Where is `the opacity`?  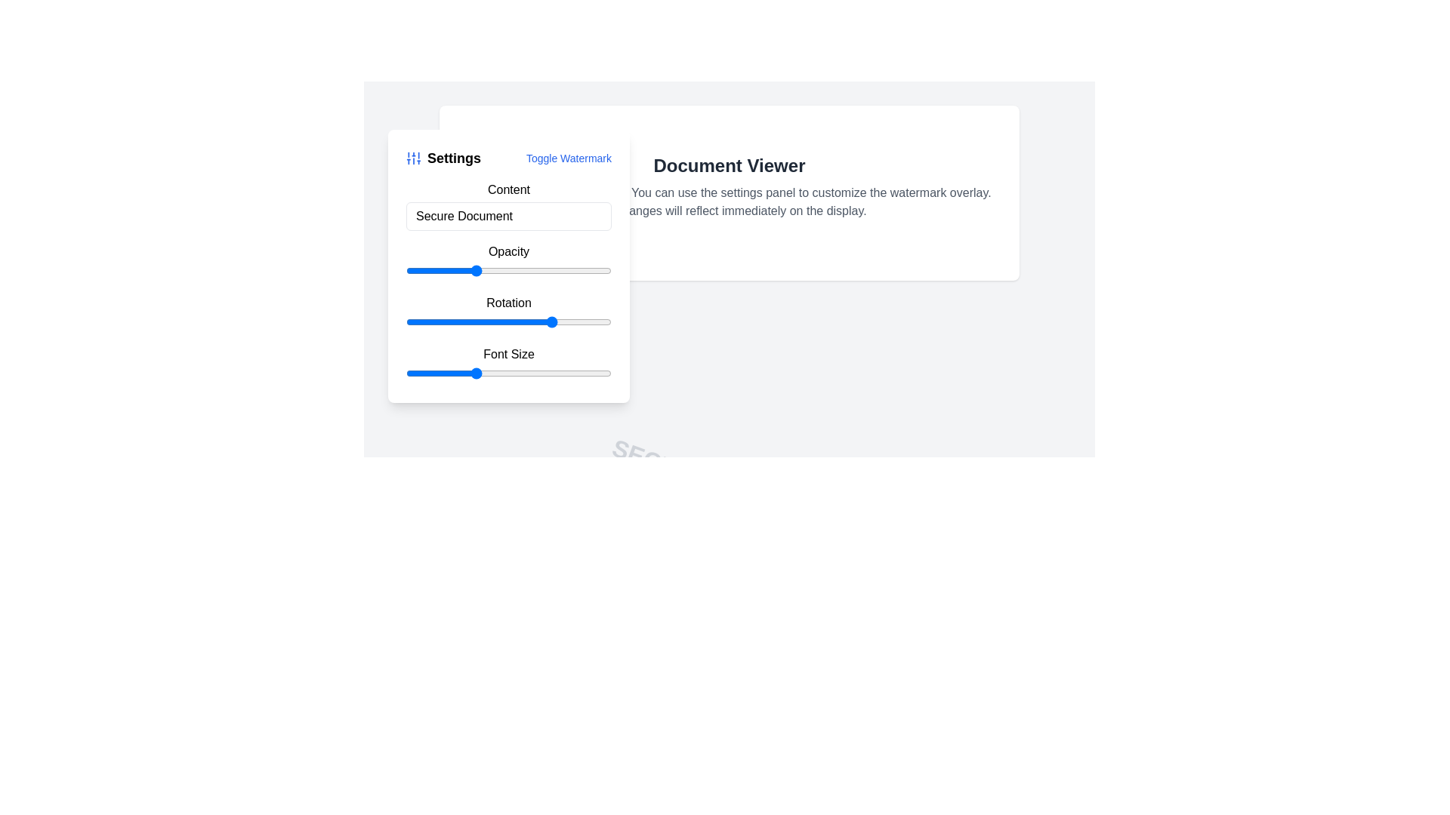
the opacity is located at coordinates (383, 269).